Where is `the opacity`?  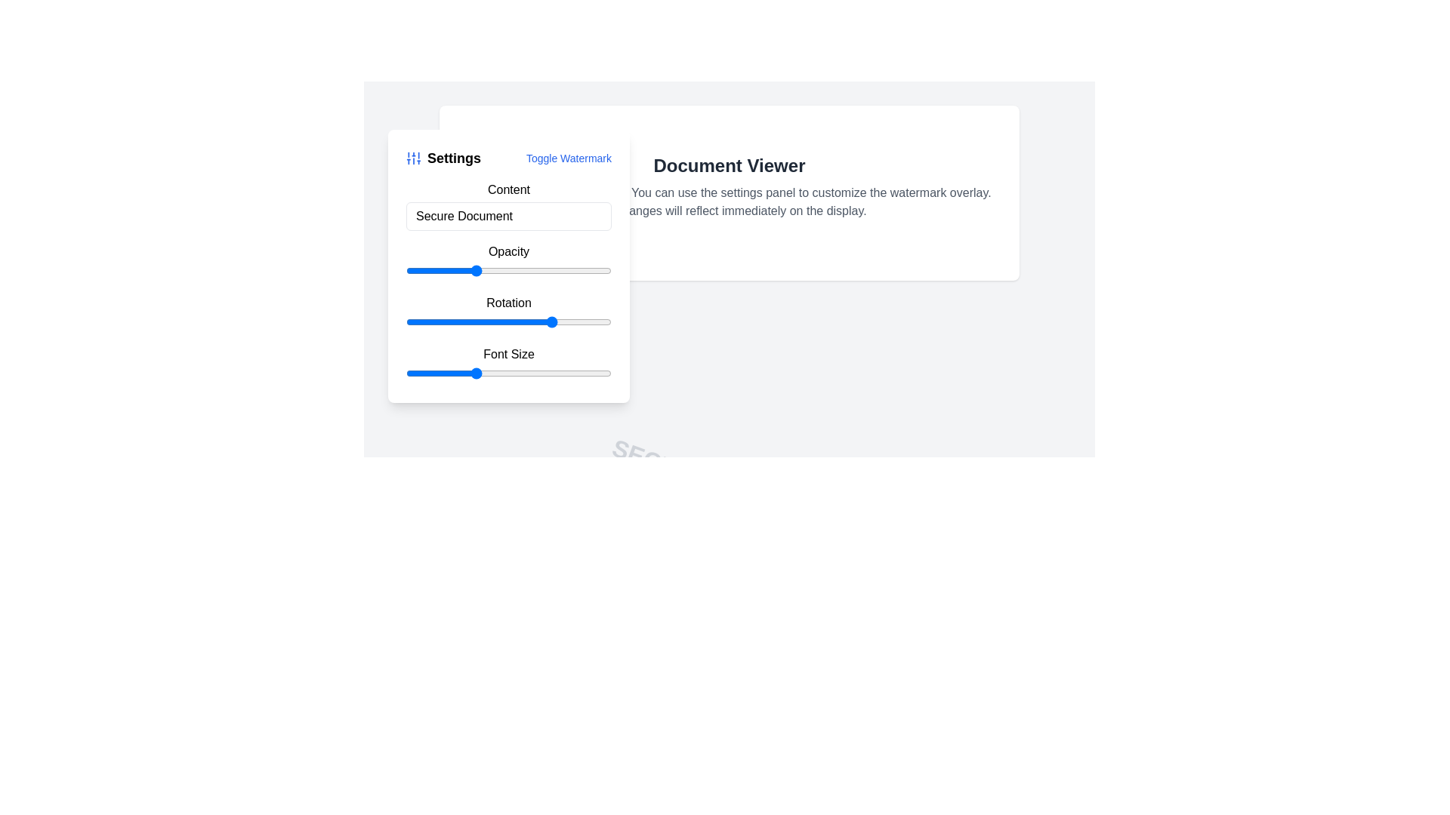
the opacity is located at coordinates (383, 269).